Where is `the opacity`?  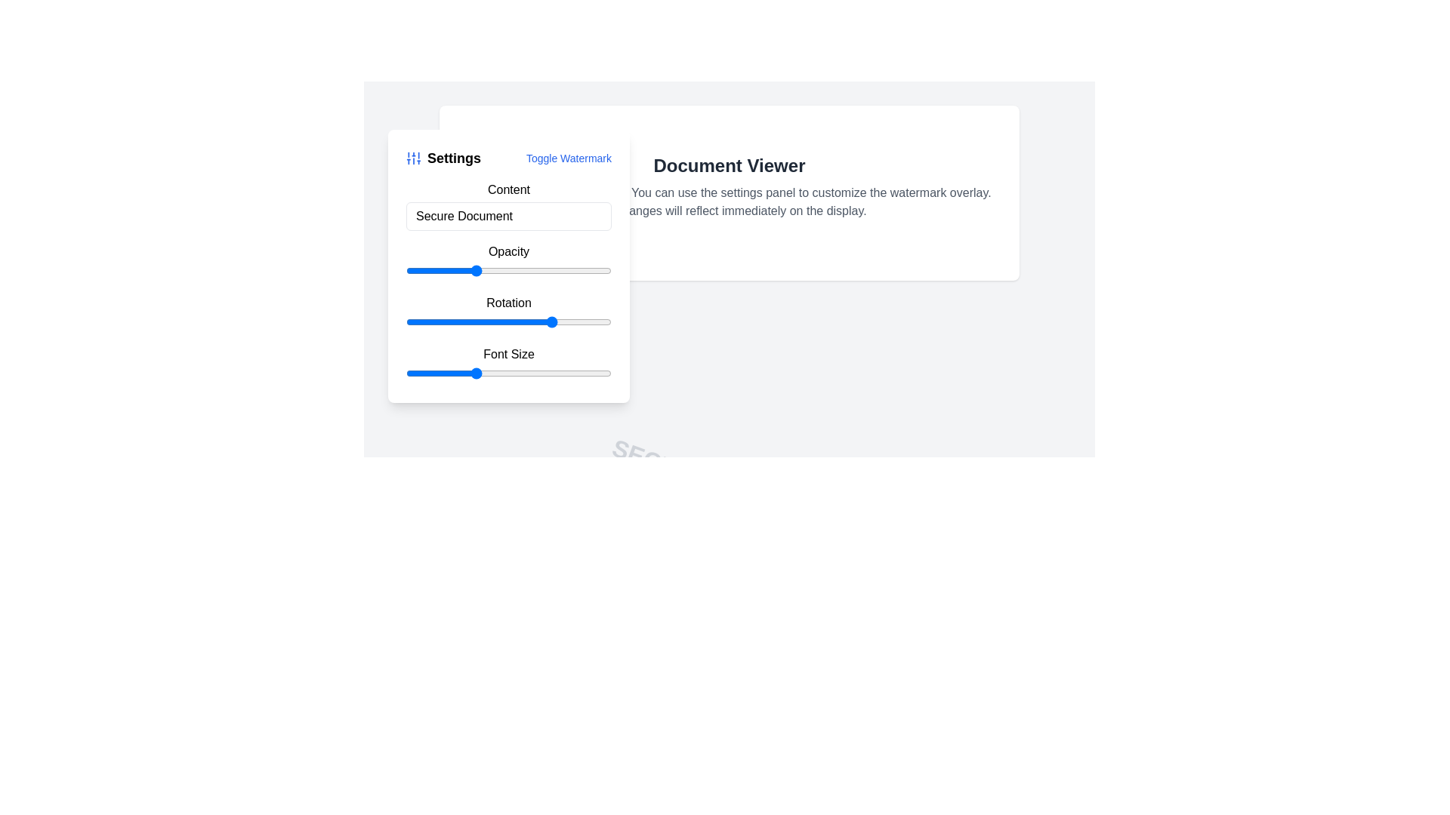
the opacity is located at coordinates (383, 269).